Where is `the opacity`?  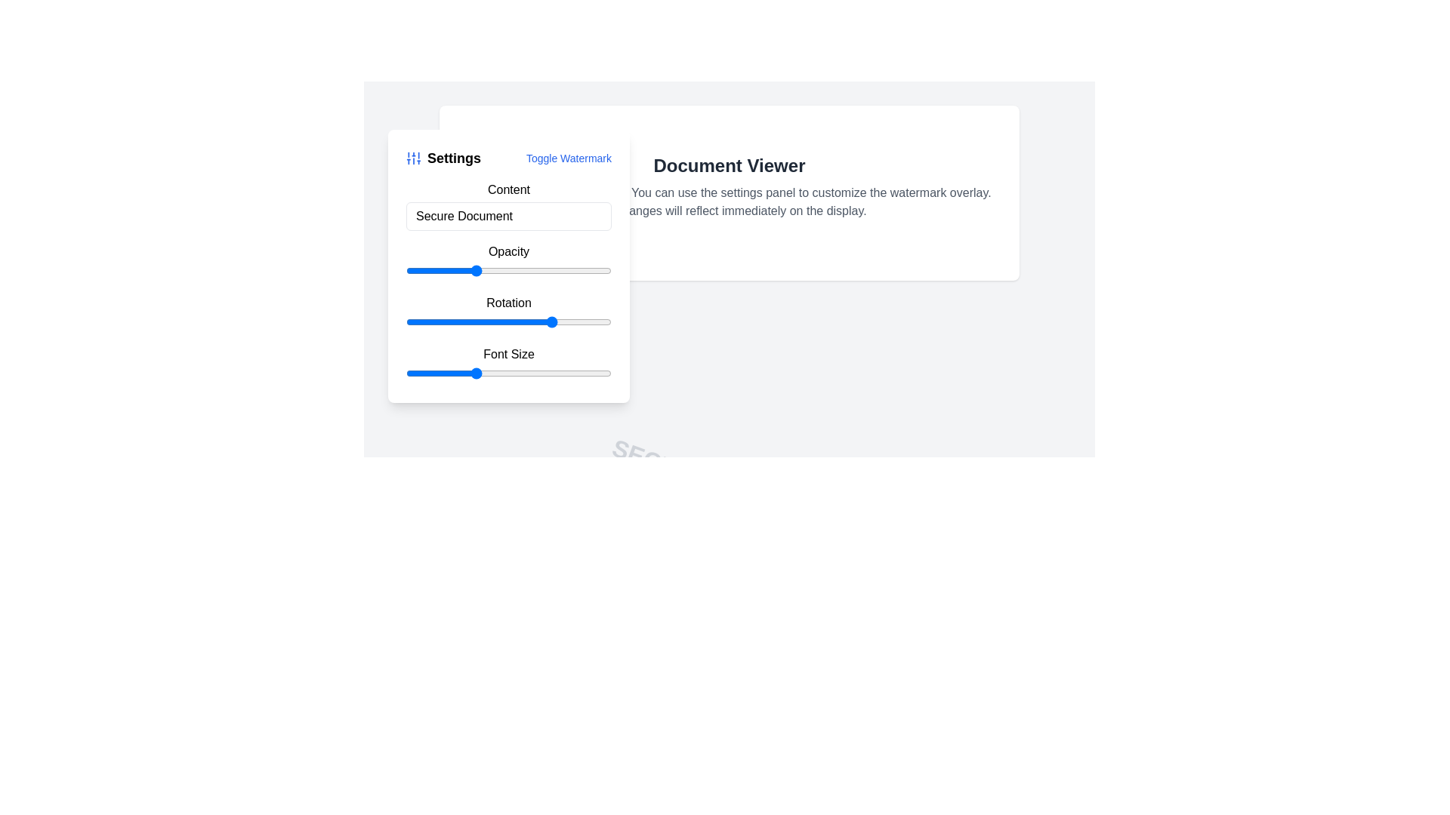
the opacity is located at coordinates (383, 269).